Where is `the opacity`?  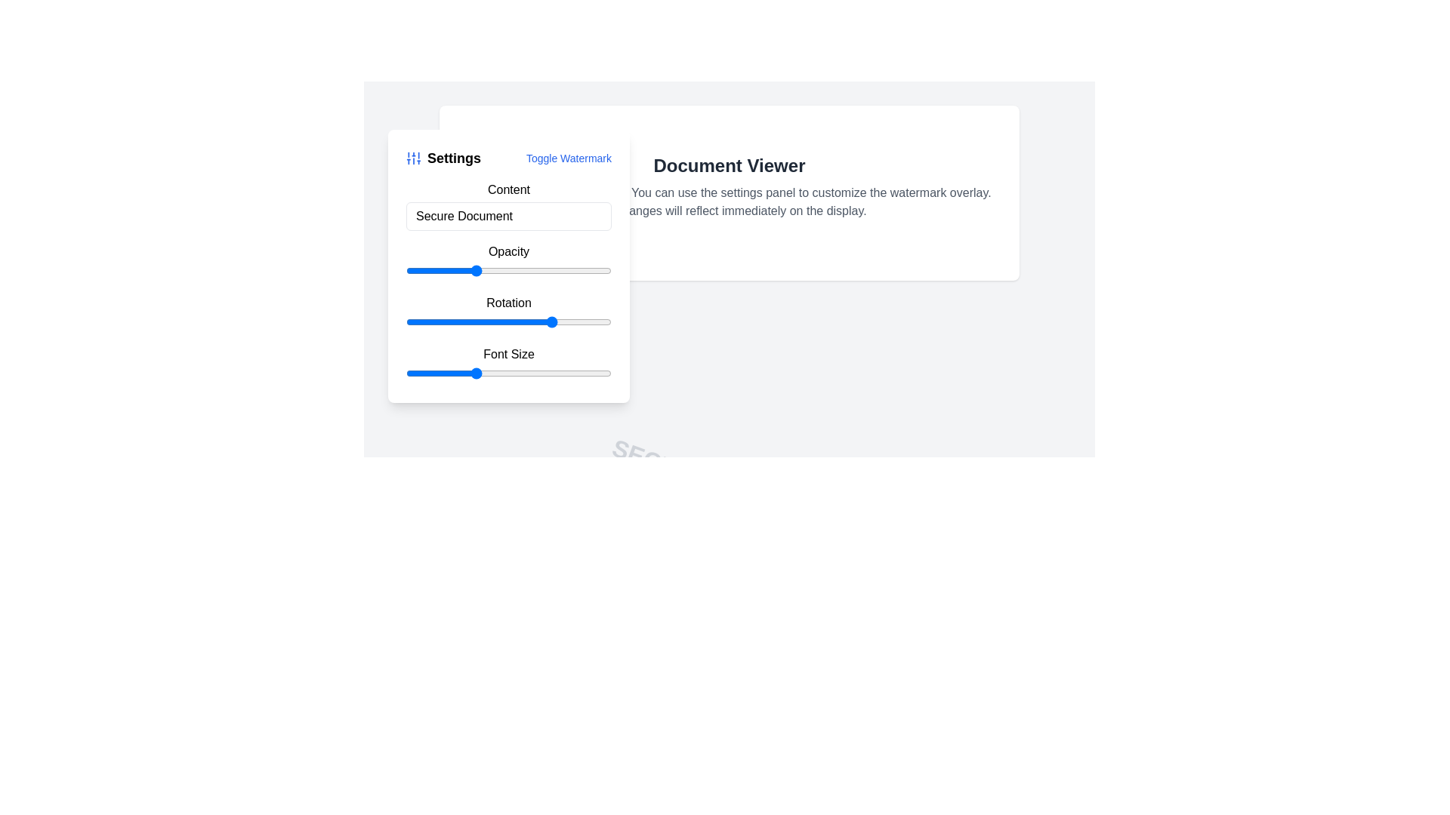
the opacity is located at coordinates (383, 269).